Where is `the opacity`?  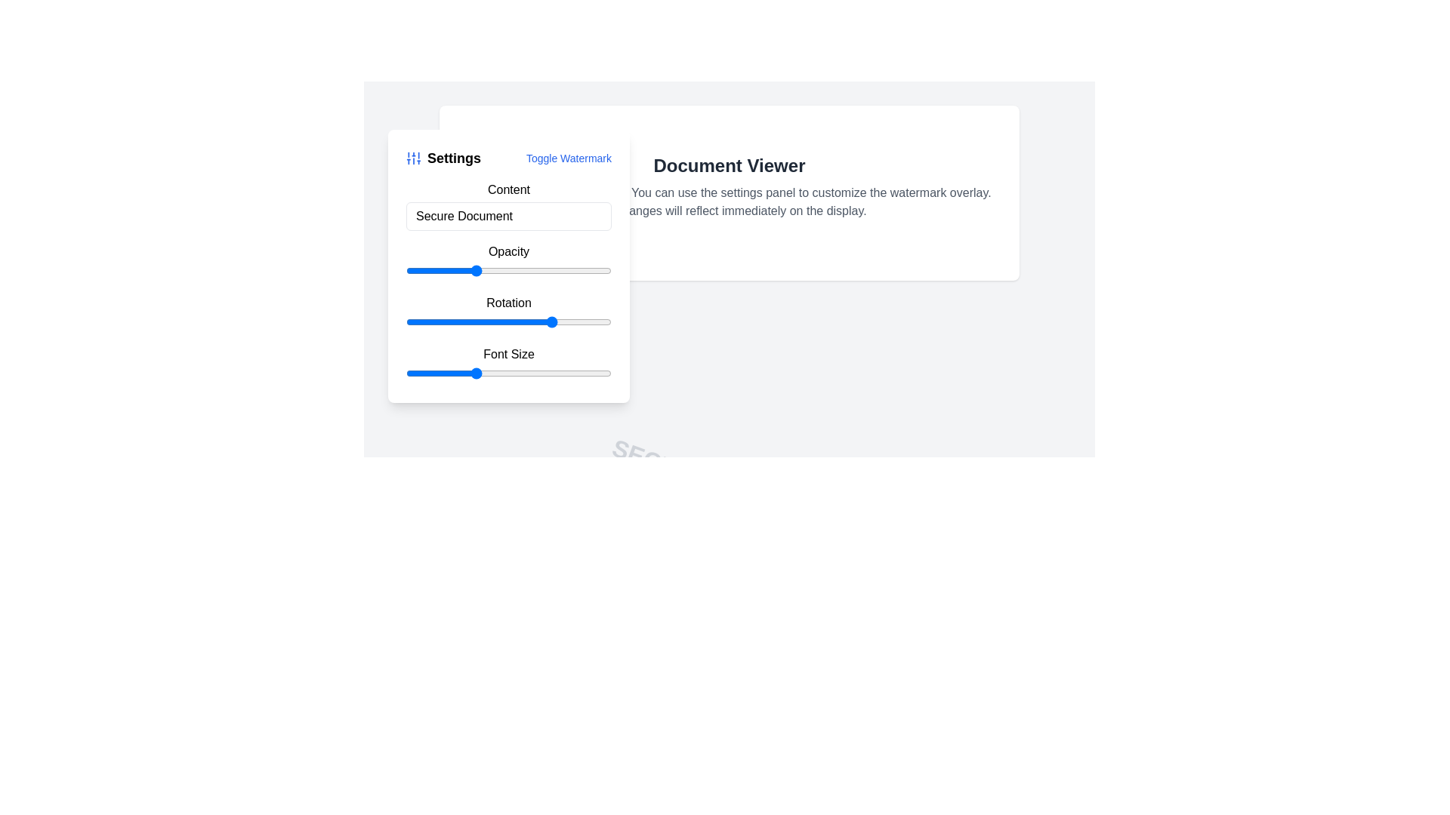
the opacity is located at coordinates (383, 269).